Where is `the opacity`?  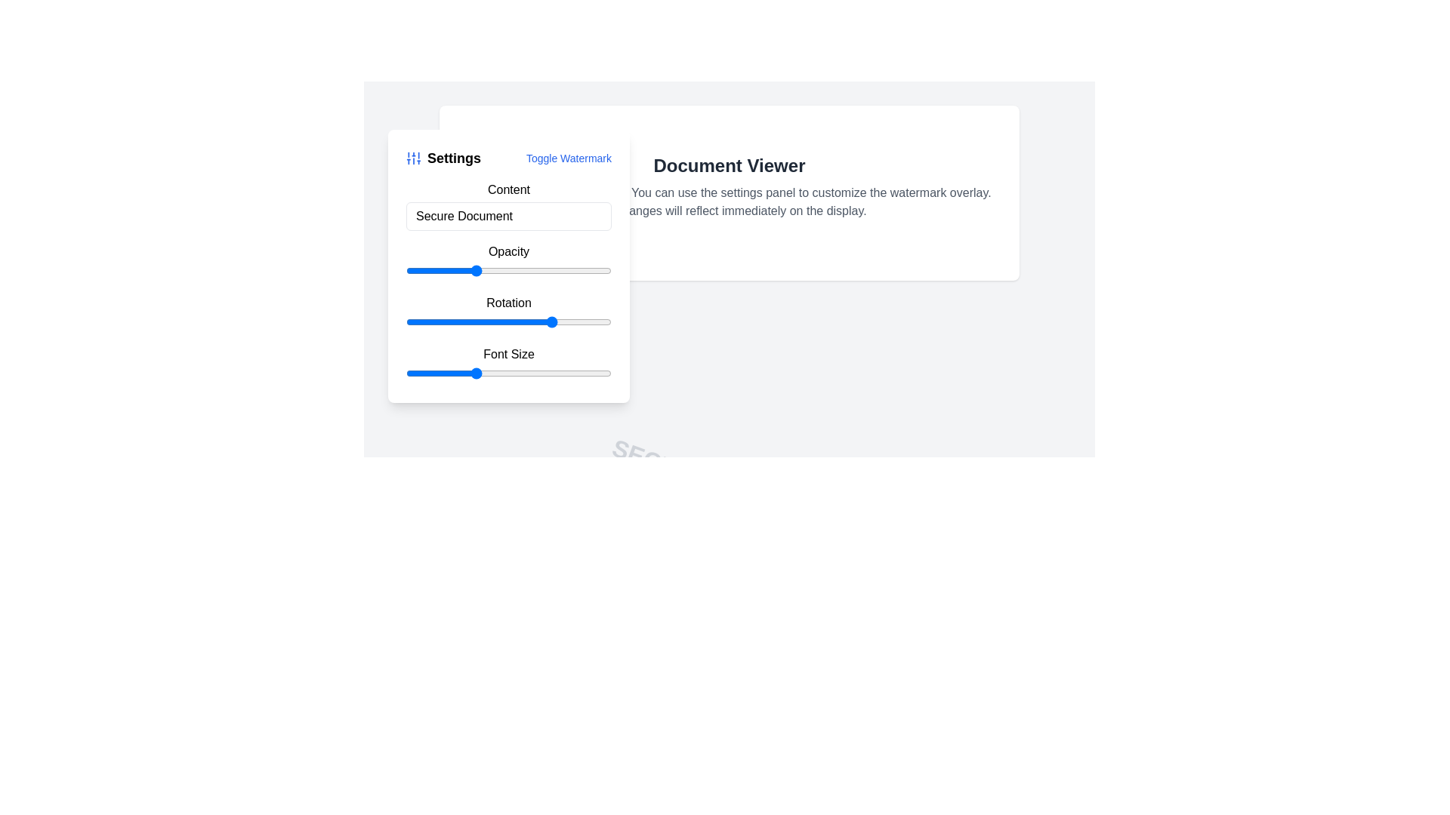
the opacity is located at coordinates (383, 269).